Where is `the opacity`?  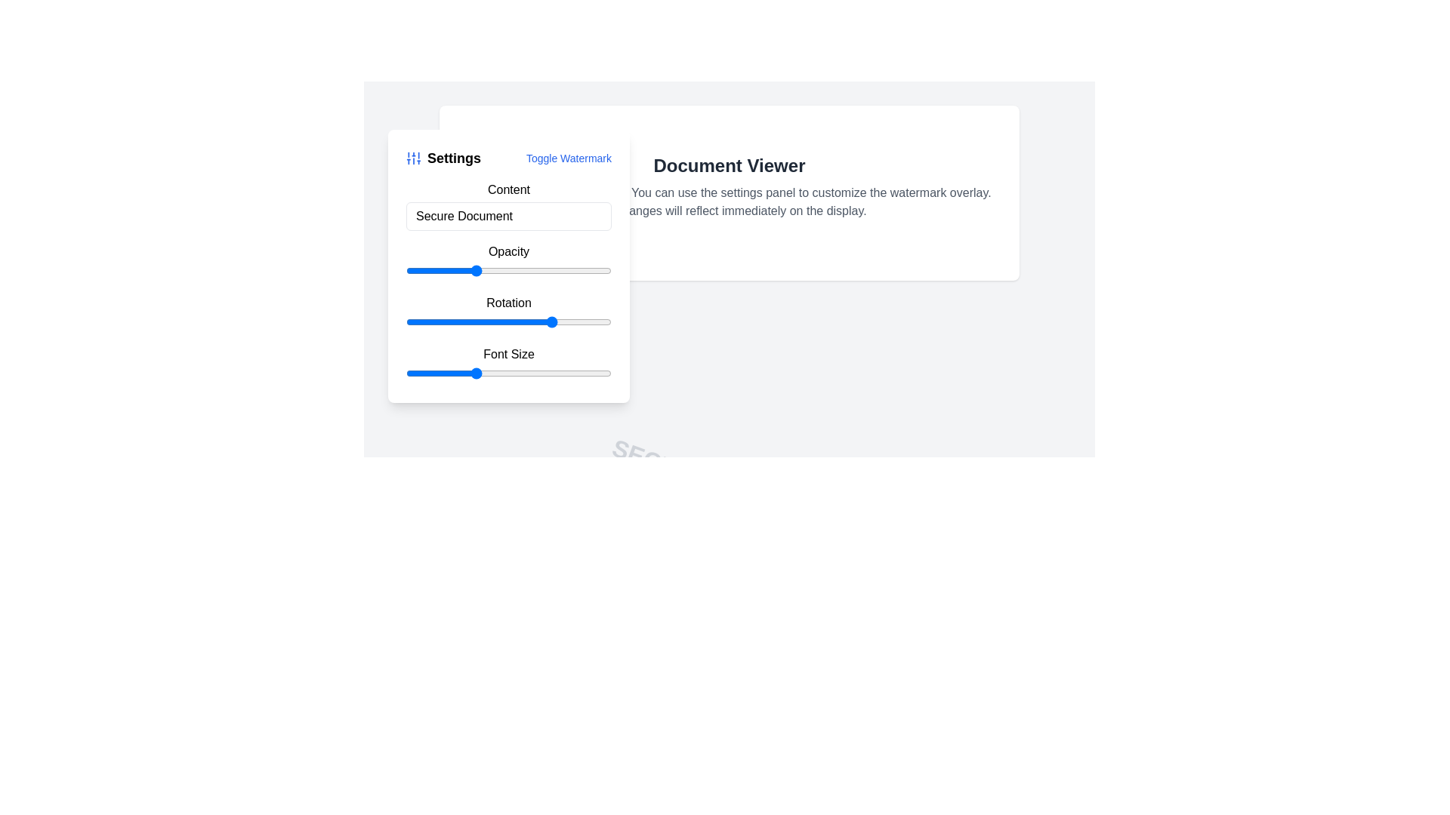
the opacity is located at coordinates (383, 269).